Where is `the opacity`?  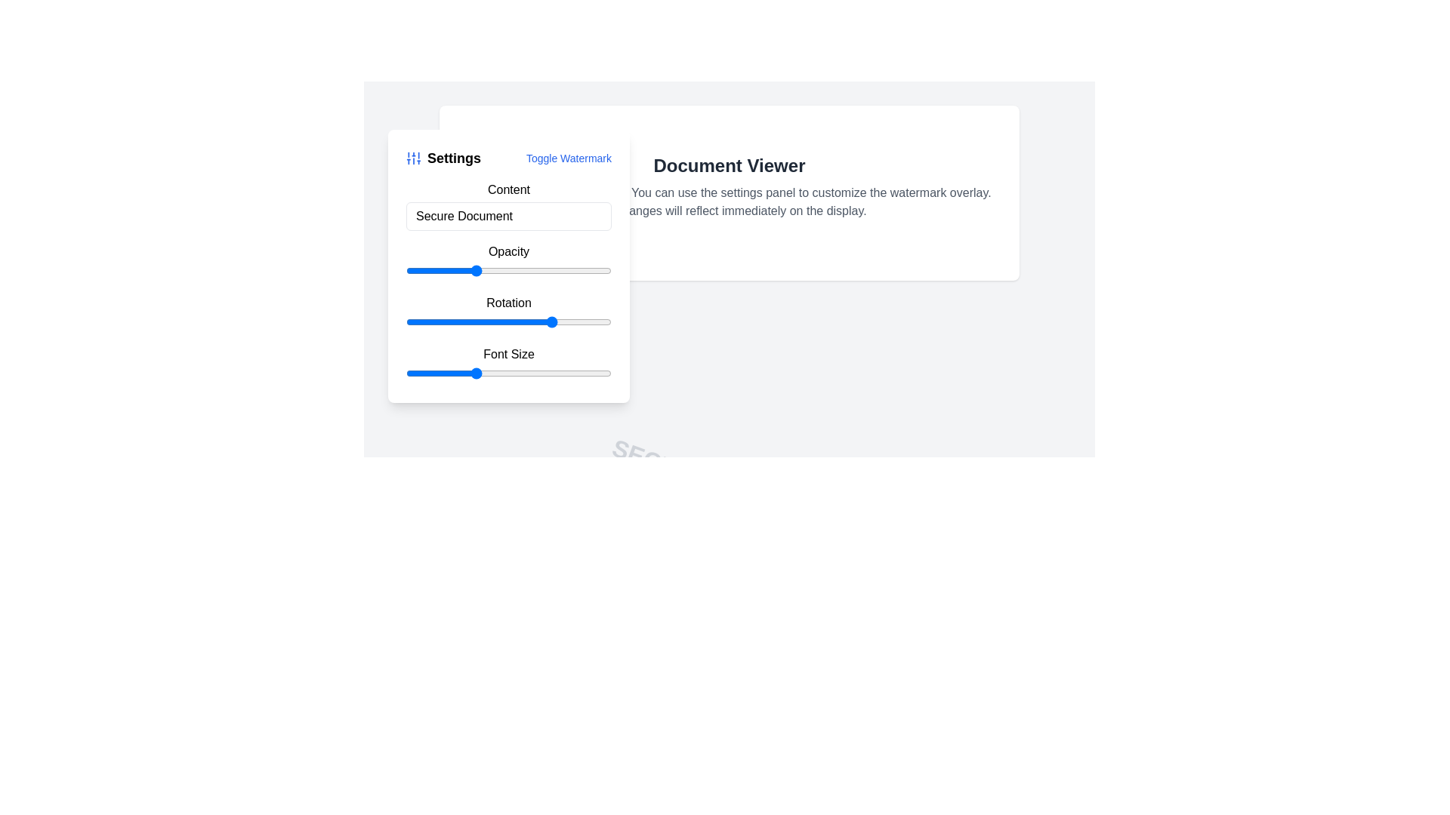
the opacity is located at coordinates (383, 269).